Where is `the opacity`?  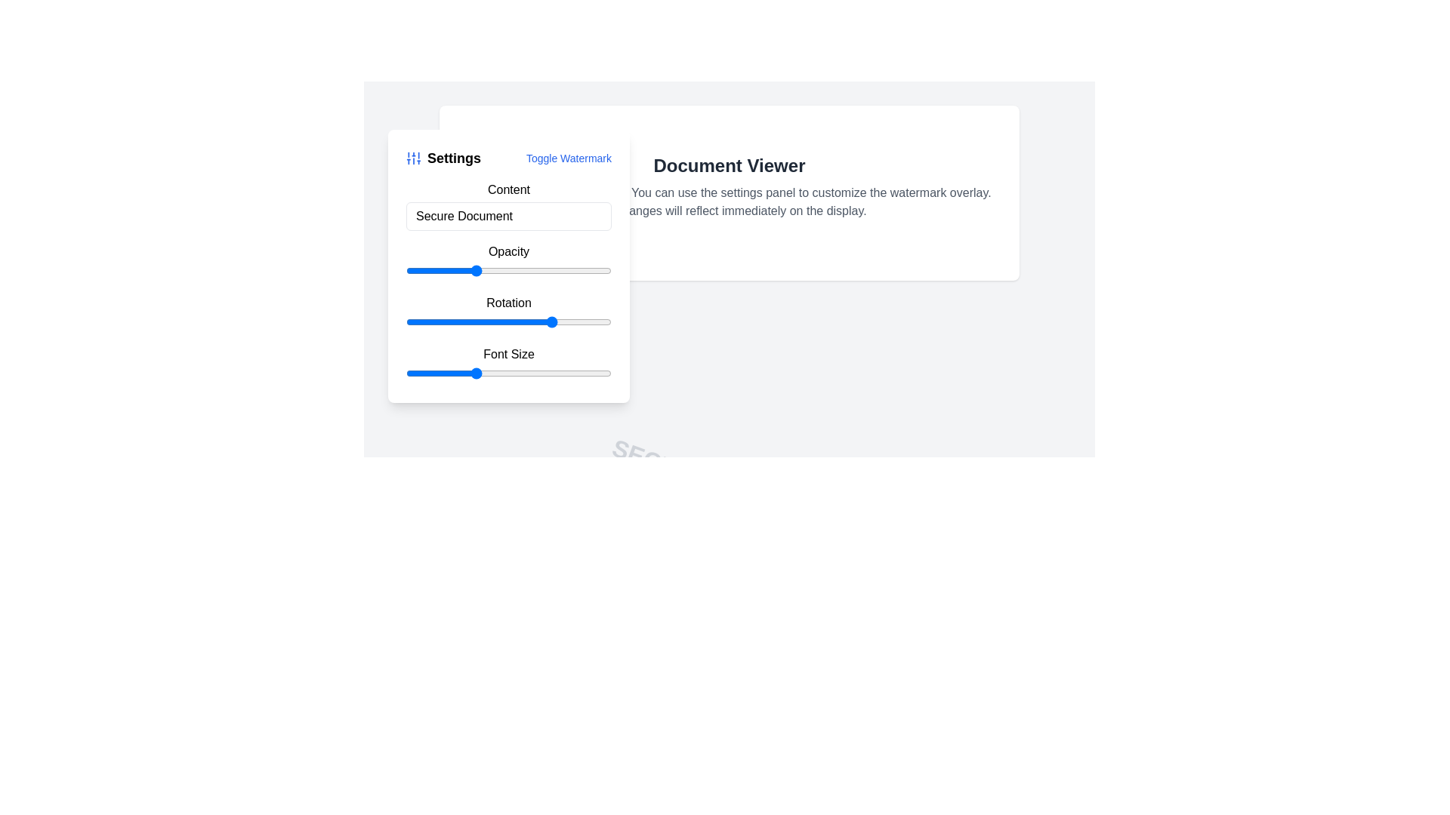
the opacity is located at coordinates (383, 269).